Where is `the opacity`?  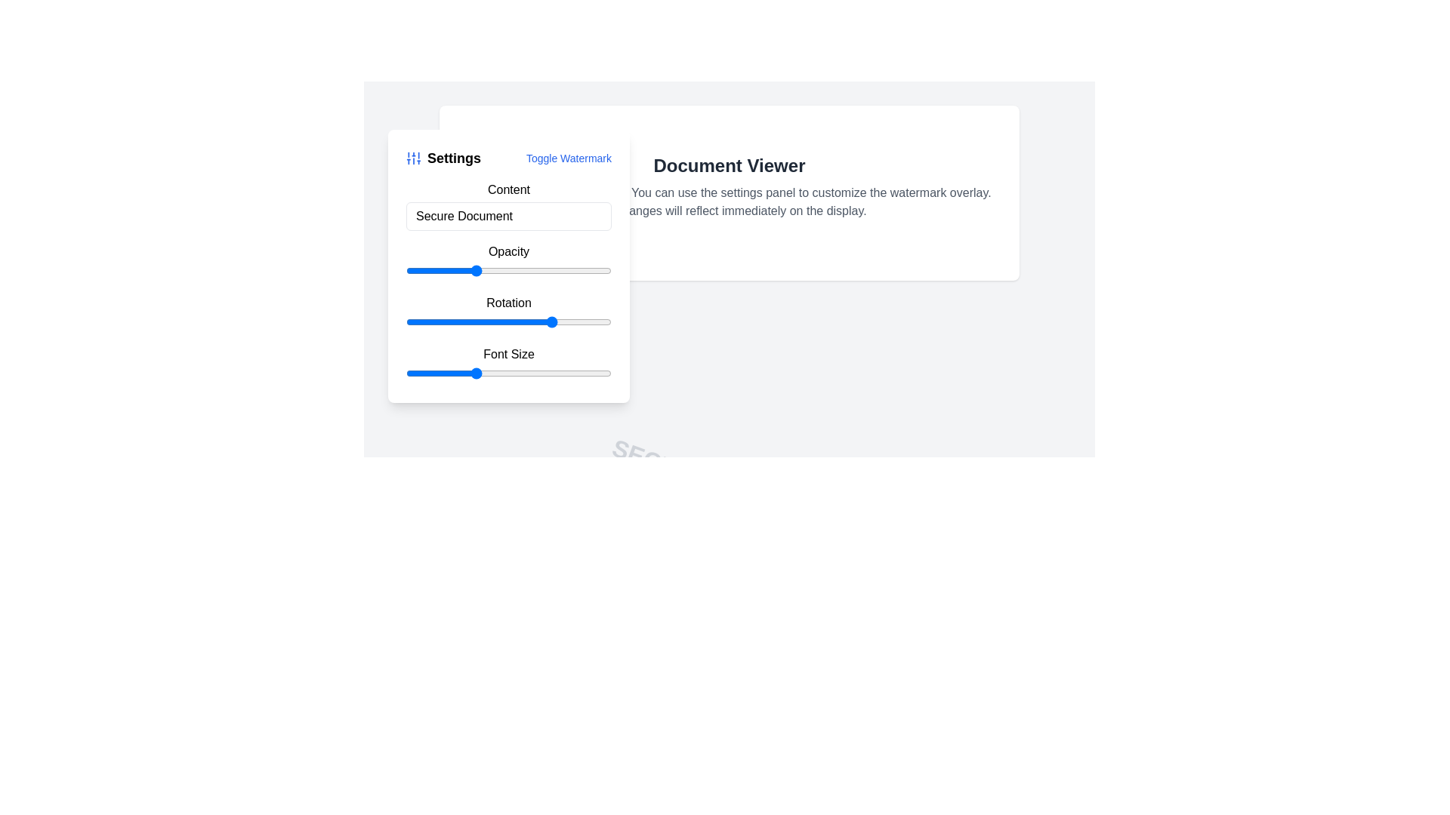
the opacity is located at coordinates (383, 269).